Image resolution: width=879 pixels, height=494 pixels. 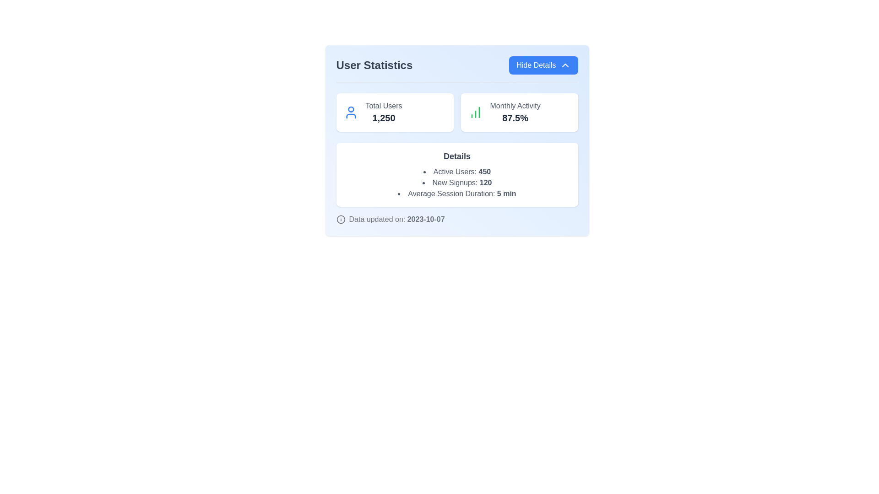 I want to click on the circular part of the user profile icon in the 'User Statistics' card, which is displayed in blue and white colors, so click(x=350, y=109).